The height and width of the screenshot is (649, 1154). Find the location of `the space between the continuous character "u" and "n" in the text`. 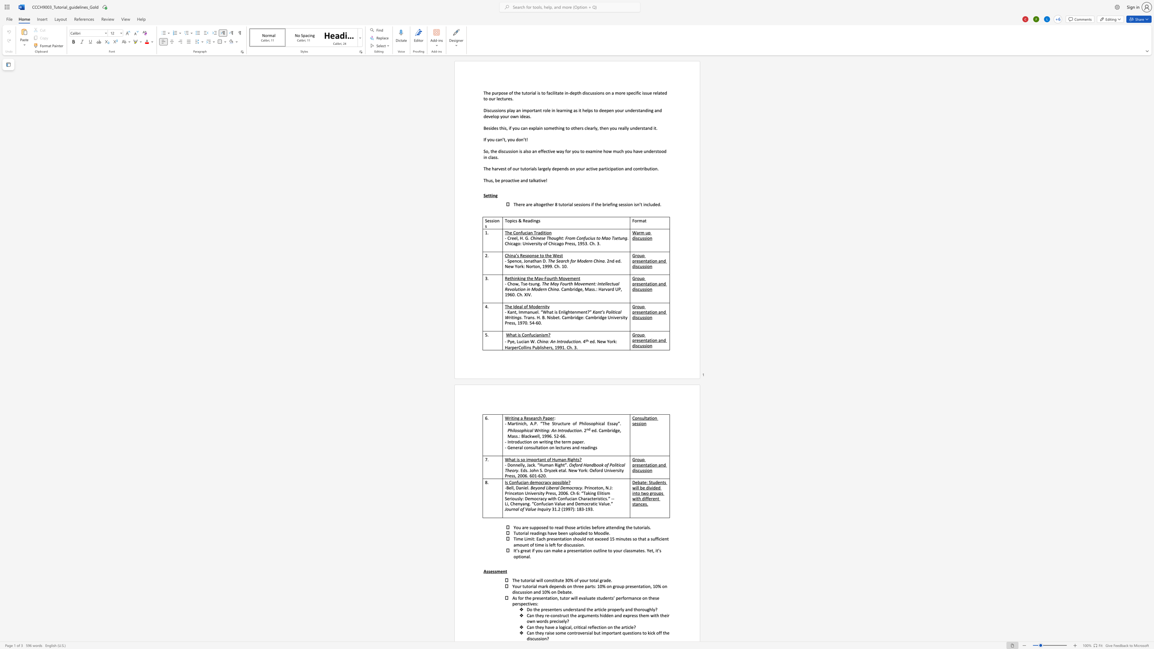

the space between the continuous character "u" and "n" in the text is located at coordinates (627, 110).